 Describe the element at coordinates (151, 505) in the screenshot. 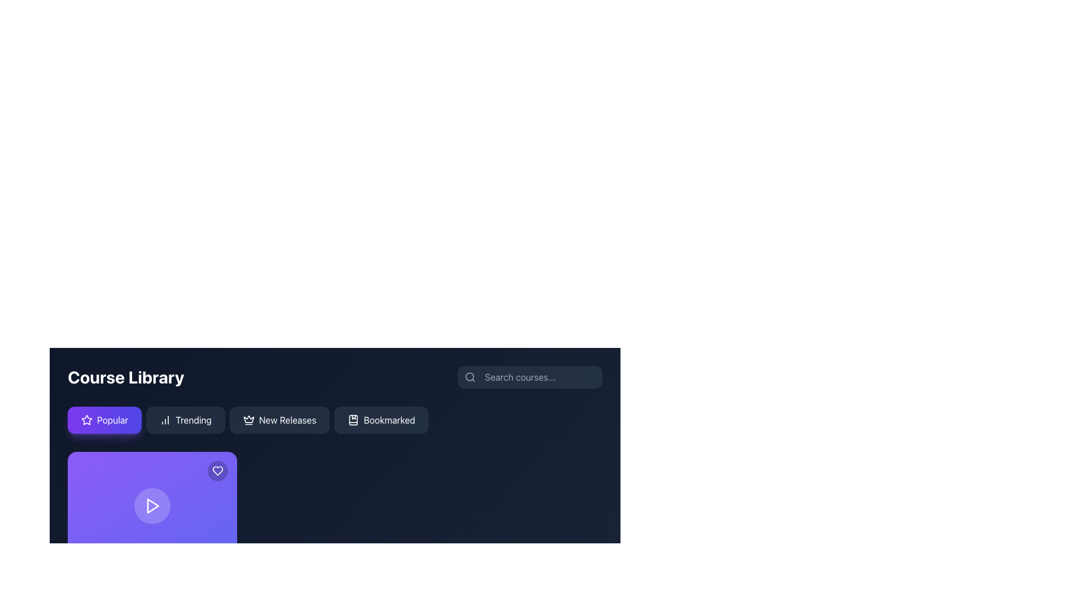

I see `the play button located in the bottom-left corner of the card section with a purple background to initiate video or audio playback` at that location.